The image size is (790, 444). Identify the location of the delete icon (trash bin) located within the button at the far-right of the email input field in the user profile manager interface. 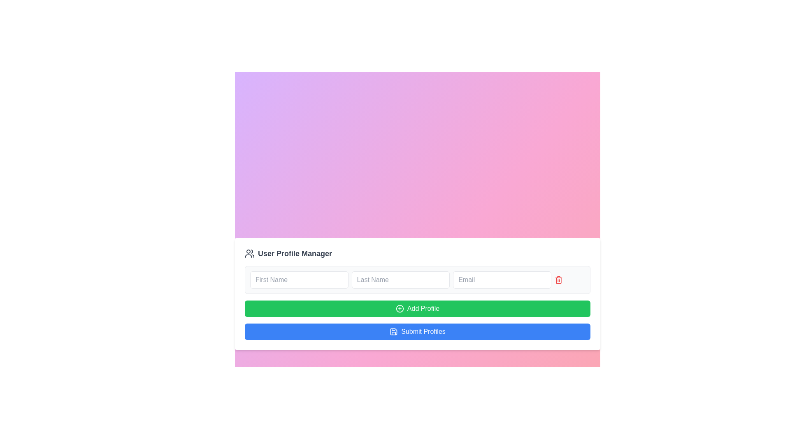
(558, 280).